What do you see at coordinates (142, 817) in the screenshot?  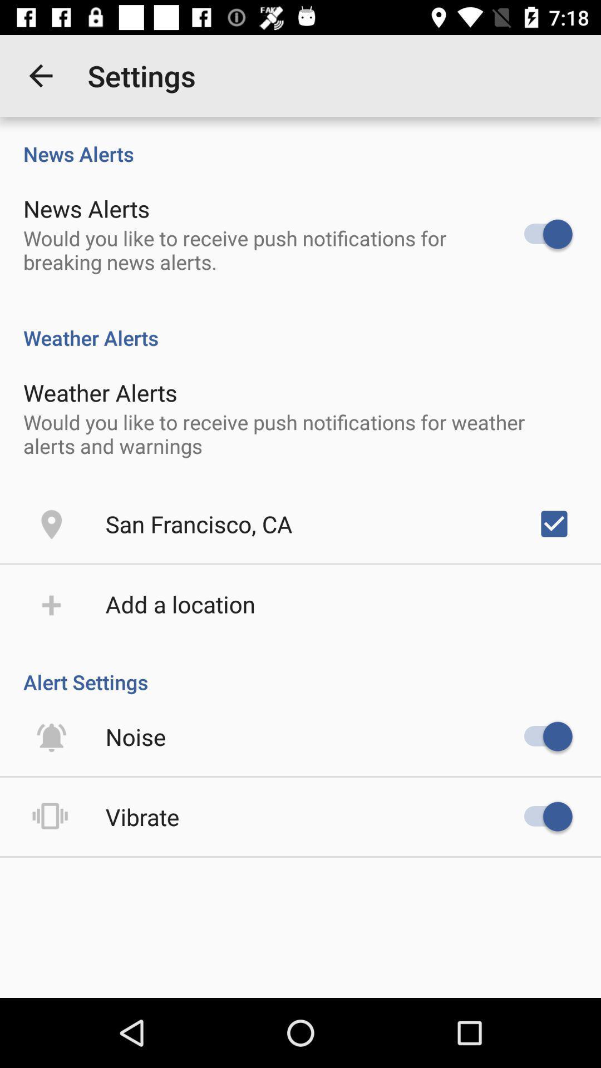 I see `the vibrate` at bounding box center [142, 817].